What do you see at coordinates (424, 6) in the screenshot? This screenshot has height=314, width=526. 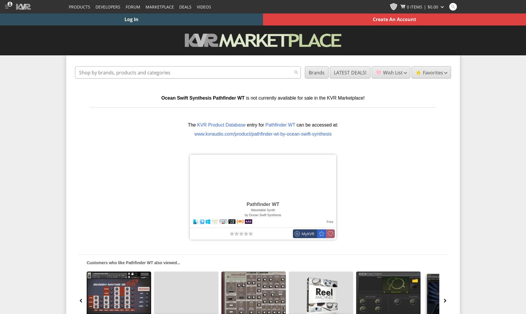 I see `'|'` at bounding box center [424, 6].